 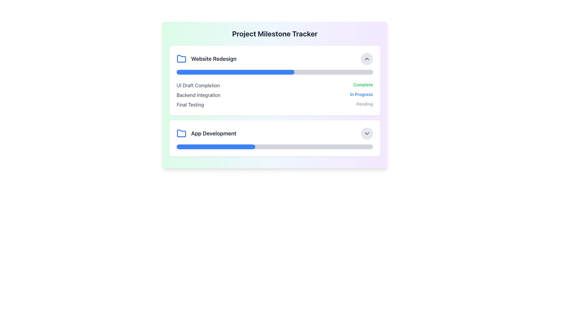 I want to click on the 'Pending' text label, which is styled in a smaller font size and gray color, located at the far right end of the second row of tasks under the 'Website Redesign' category, aligned with the task description 'Final Testing', so click(x=364, y=104).